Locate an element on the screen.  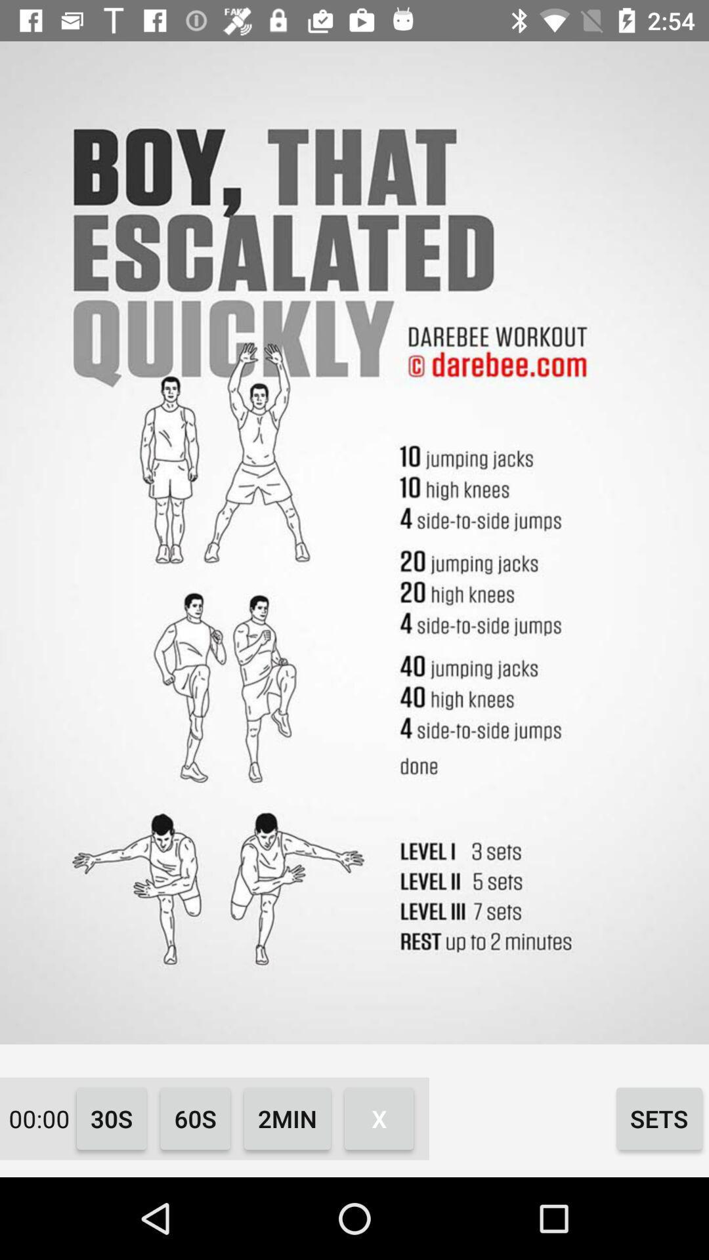
icon next to x item is located at coordinates (659, 1118).